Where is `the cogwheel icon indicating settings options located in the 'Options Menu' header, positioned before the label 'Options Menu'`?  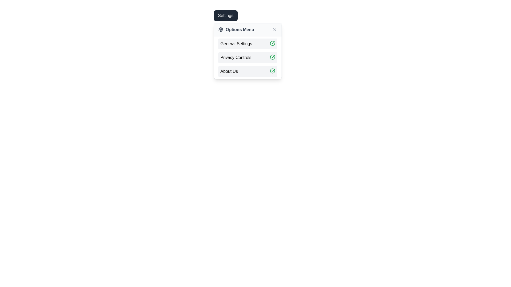 the cogwheel icon indicating settings options located in the 'Options Menu' header, positioned before the label 'Options Menu' is located at coordinates (221, 29).